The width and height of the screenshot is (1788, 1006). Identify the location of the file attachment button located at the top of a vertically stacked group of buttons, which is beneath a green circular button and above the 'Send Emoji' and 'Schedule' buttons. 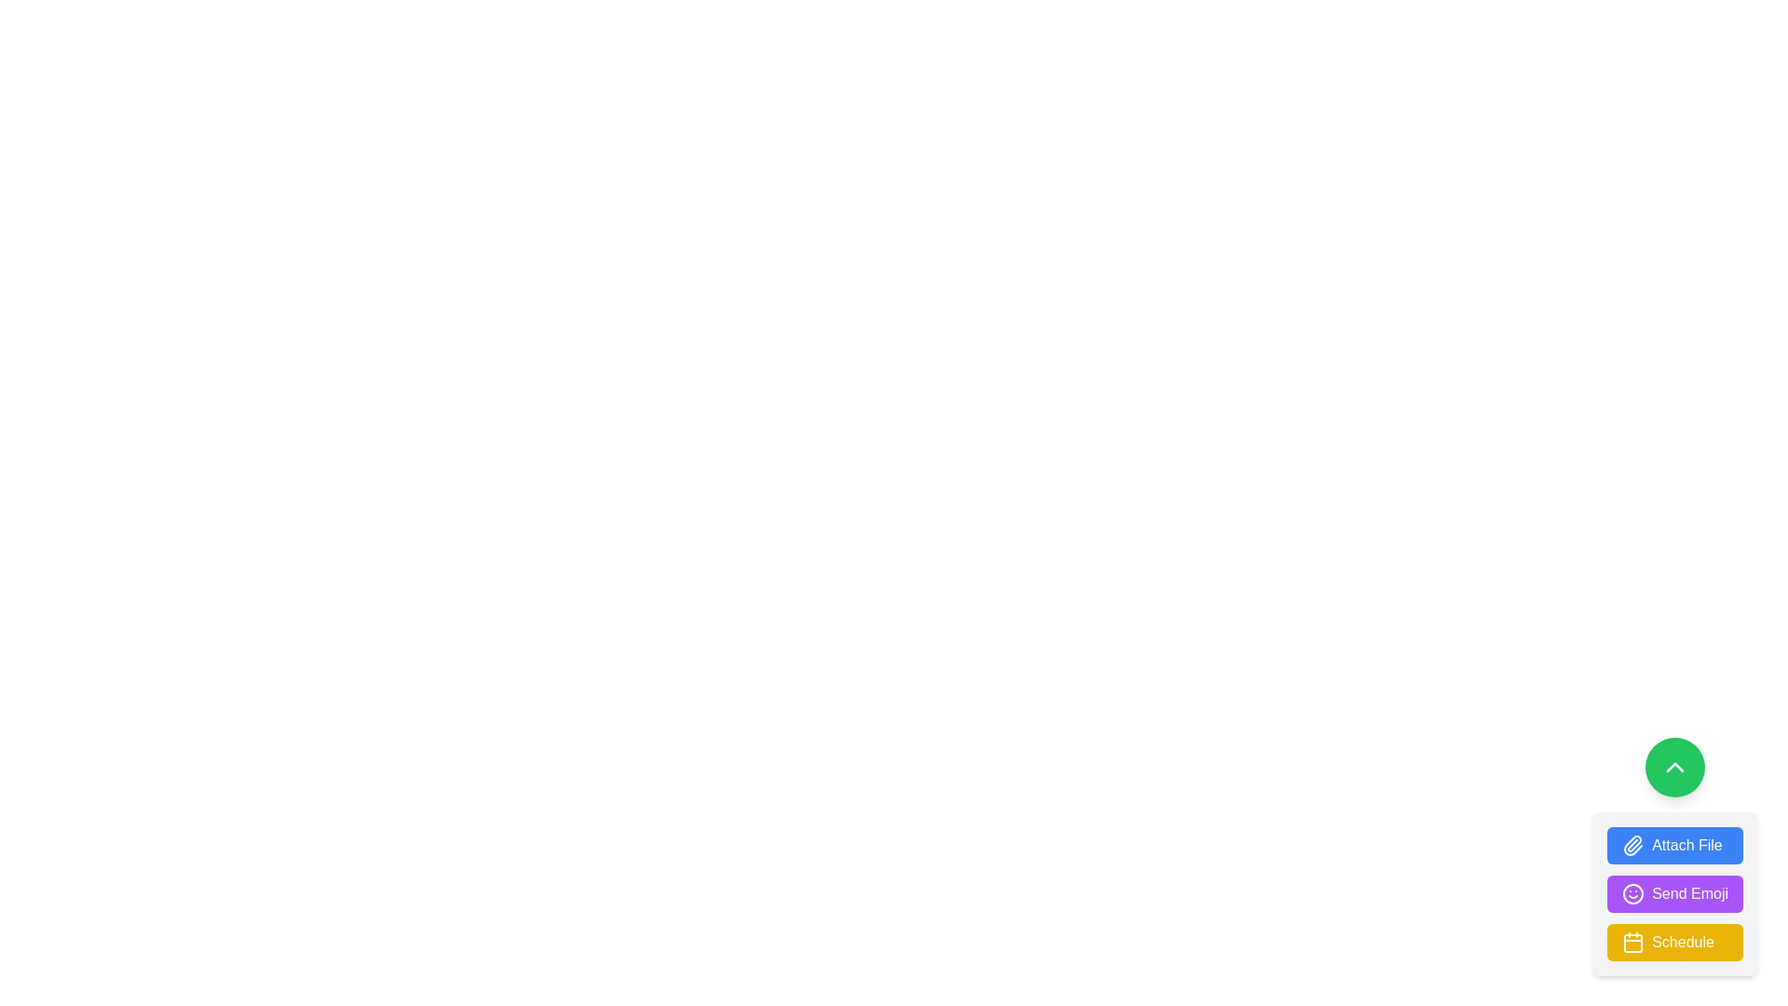
(1675, 845).